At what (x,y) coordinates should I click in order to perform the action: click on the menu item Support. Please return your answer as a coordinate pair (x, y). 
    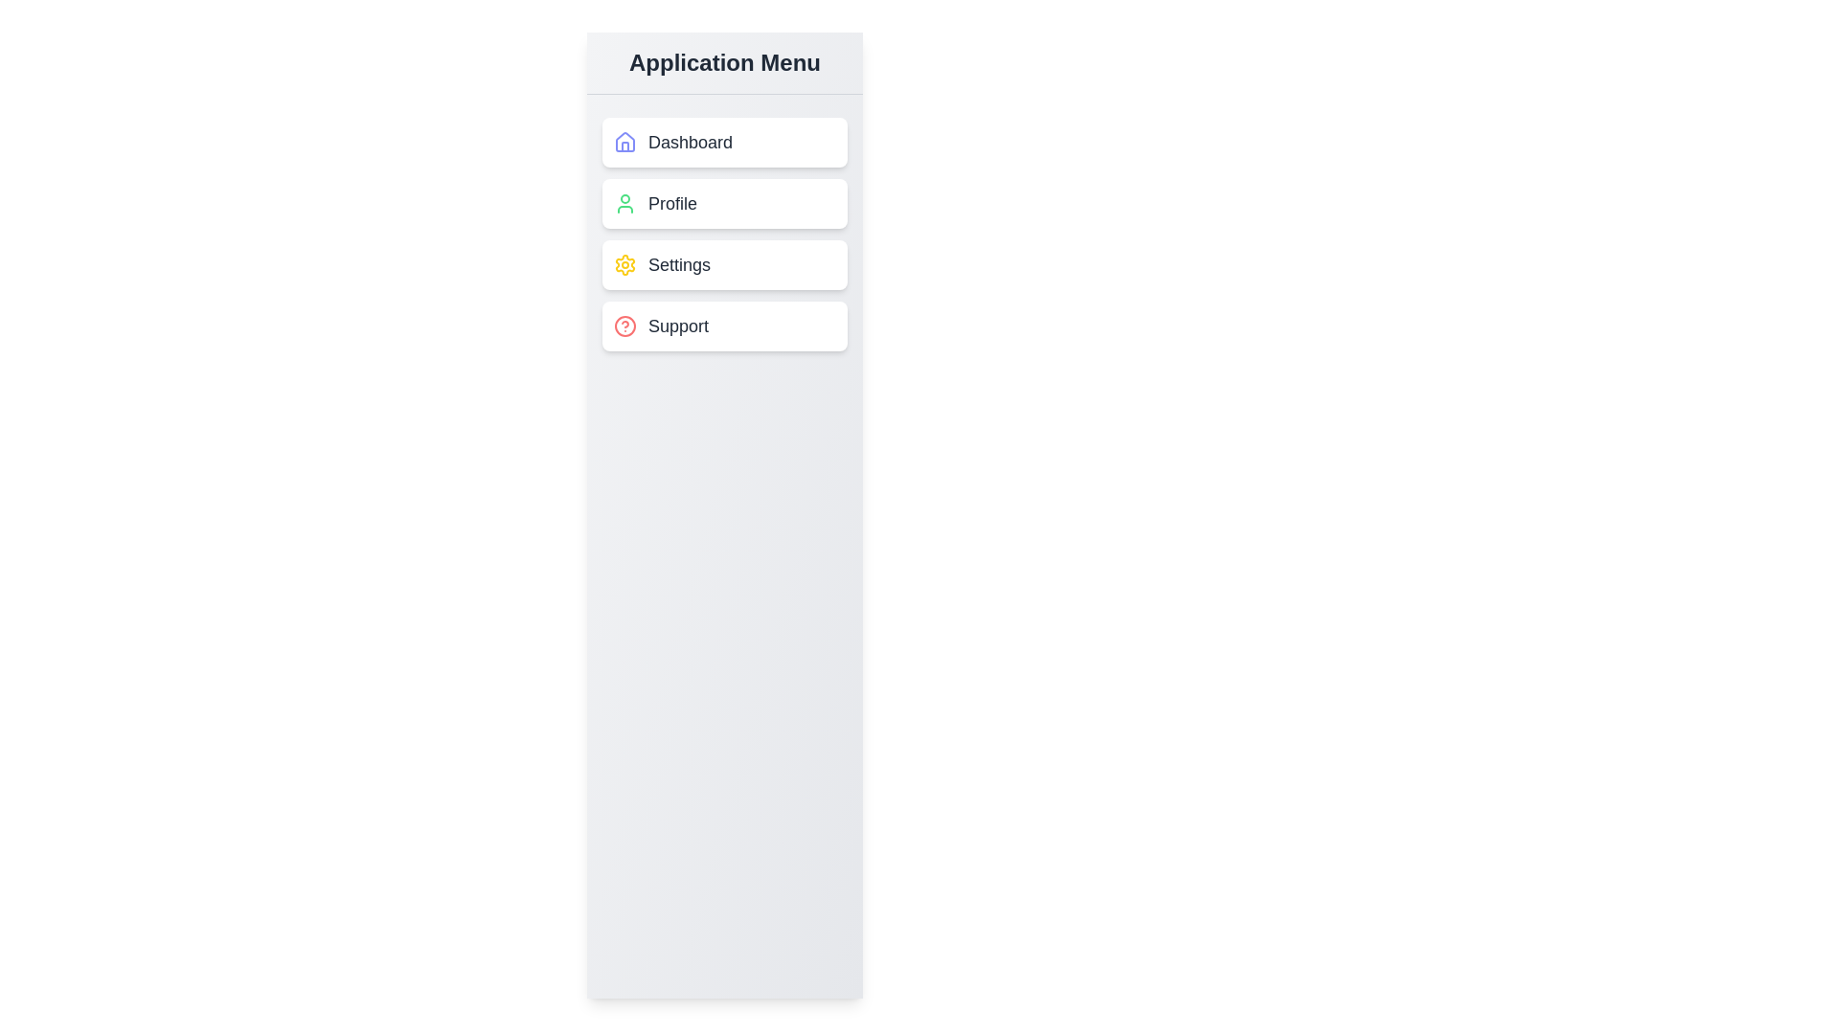
    Looking at the image, I should click on (724, 325).